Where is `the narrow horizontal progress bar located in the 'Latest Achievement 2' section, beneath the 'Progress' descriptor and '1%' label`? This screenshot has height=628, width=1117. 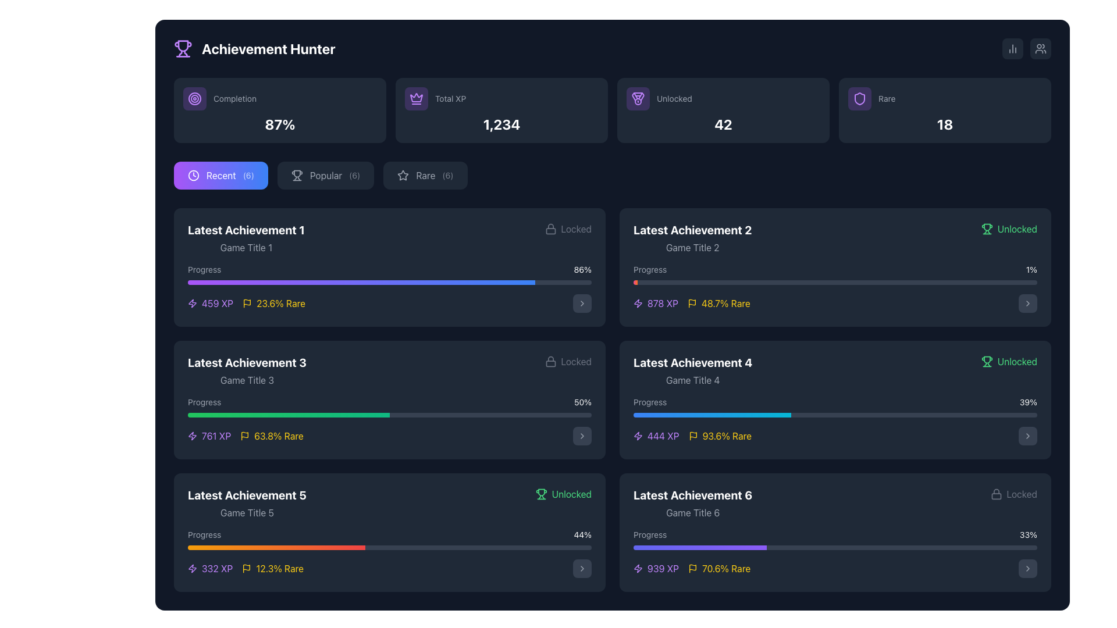
the narrow horizontal progress bar located in the 'Latest Achievement 2' section, beneath the 'Progress' descriptor and '1%' label is located at coordinates (834, 283).